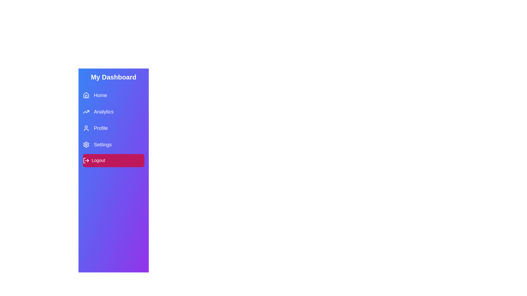 The image size is (527, 296). I want to click on the profile icon, which is a circular representation of a person, located in the vertical navigation bar to the left of the 'Profile' text, so click(86, 128).